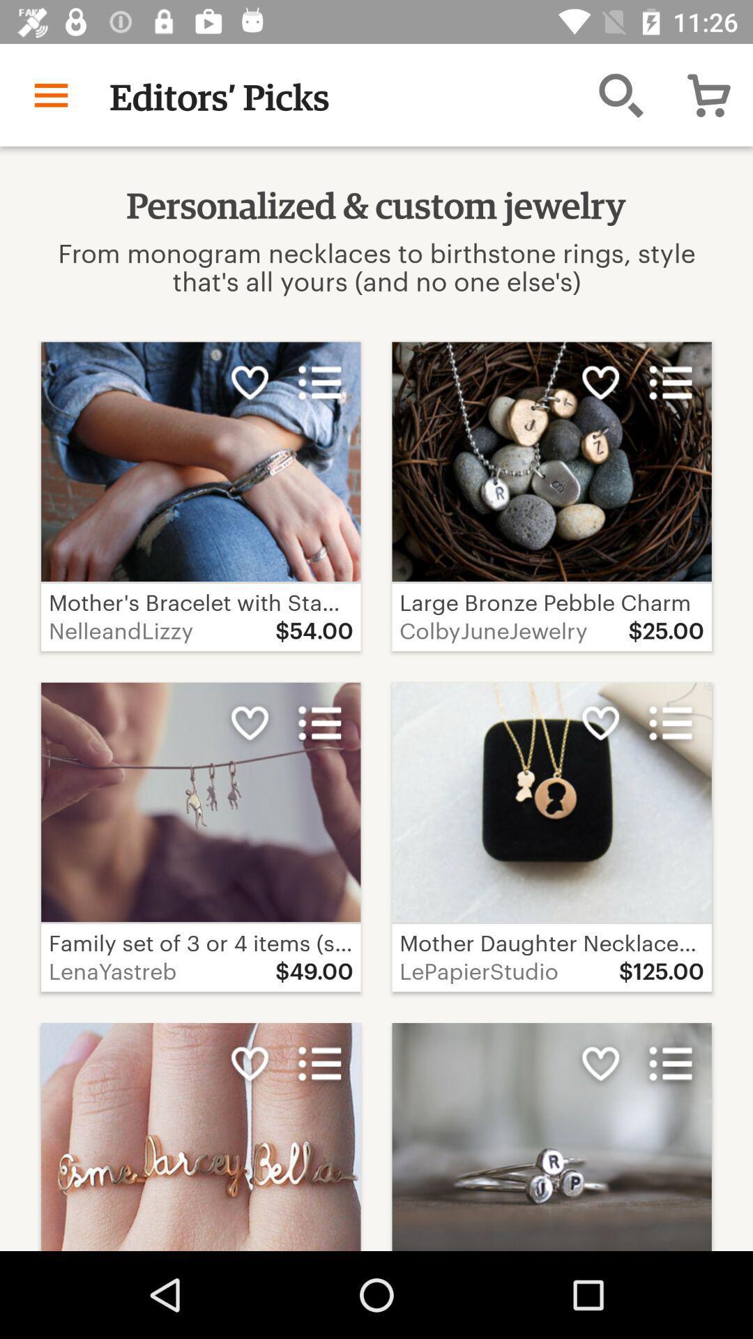 The width and height of the screenshot is (753, 1339). Describe the element at coordinates (50, 94) in the screenshot. I see `icon above the from monogram necklaces` at that location.